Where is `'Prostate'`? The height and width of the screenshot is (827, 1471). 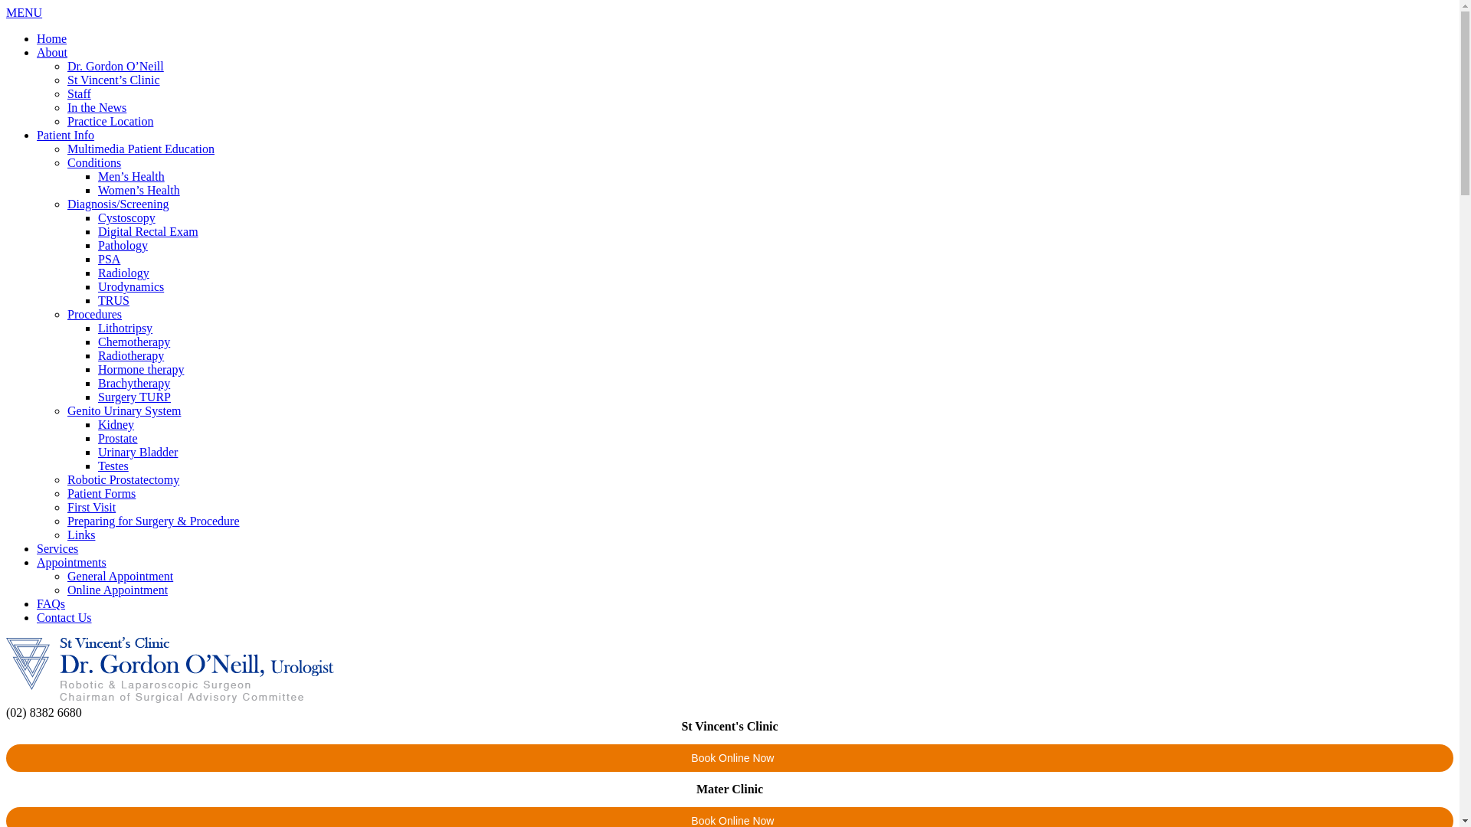 'Prostate' is located at coordinates (116, 438).